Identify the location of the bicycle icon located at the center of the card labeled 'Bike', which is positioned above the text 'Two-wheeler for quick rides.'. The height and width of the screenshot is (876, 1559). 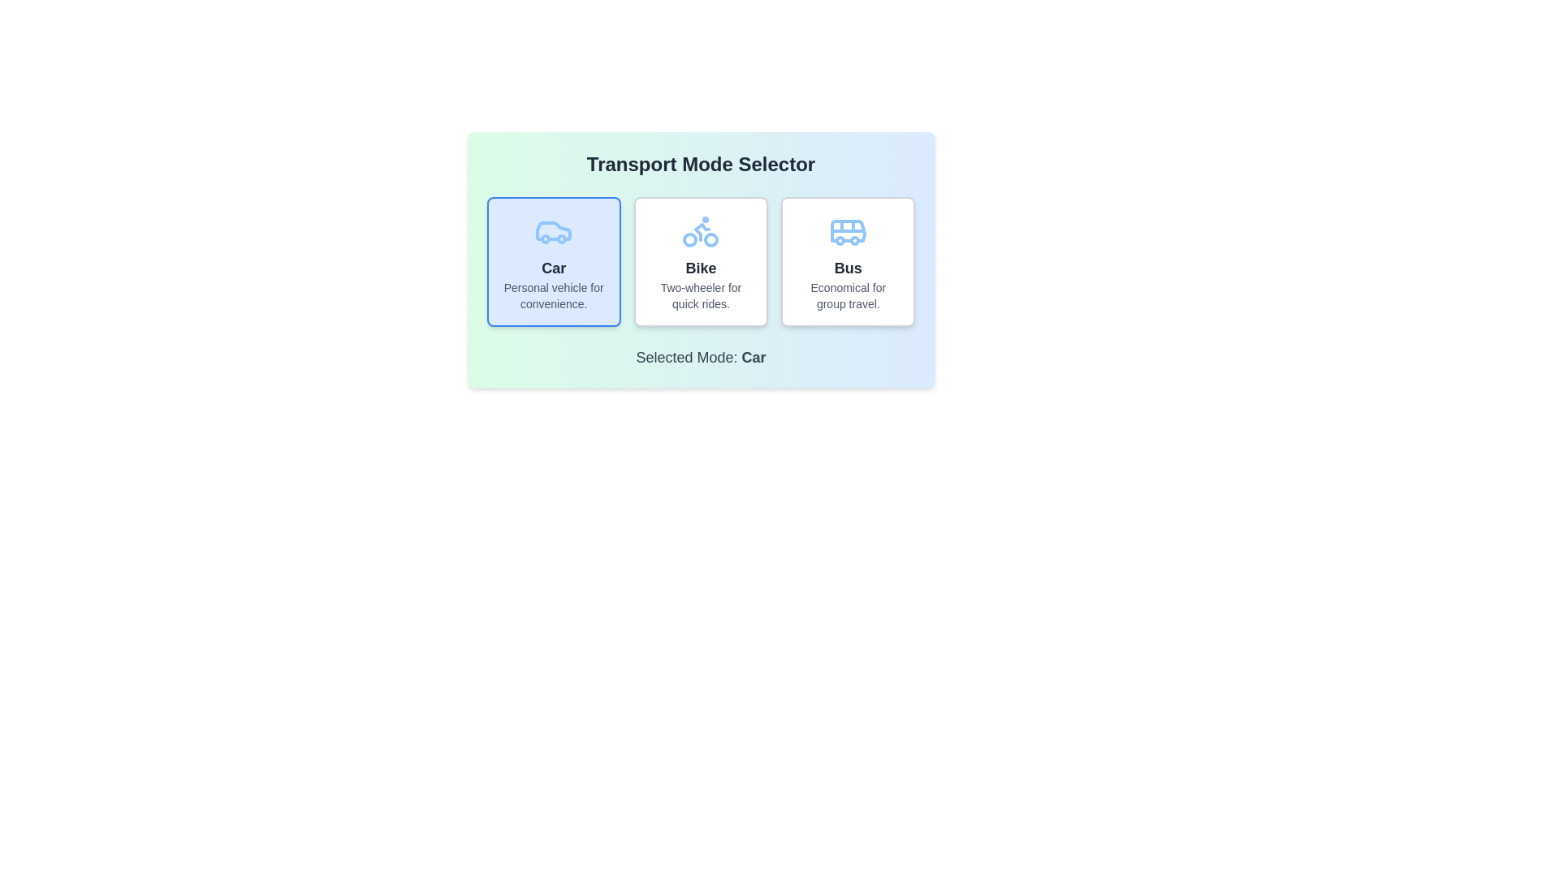
(701, 231).